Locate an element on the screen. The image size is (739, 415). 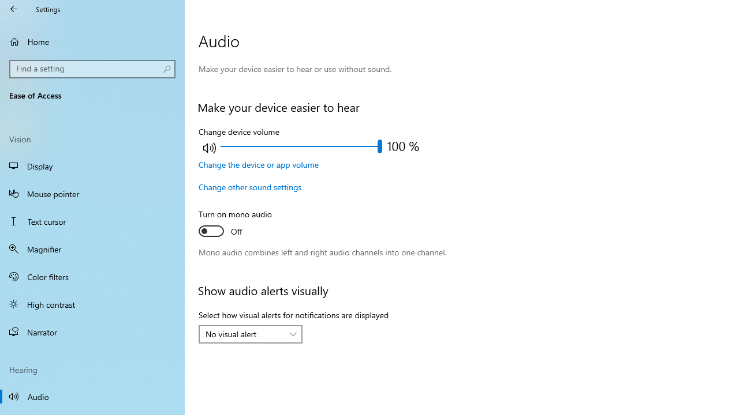
'High contrast' is located at coordinates (92, 304).